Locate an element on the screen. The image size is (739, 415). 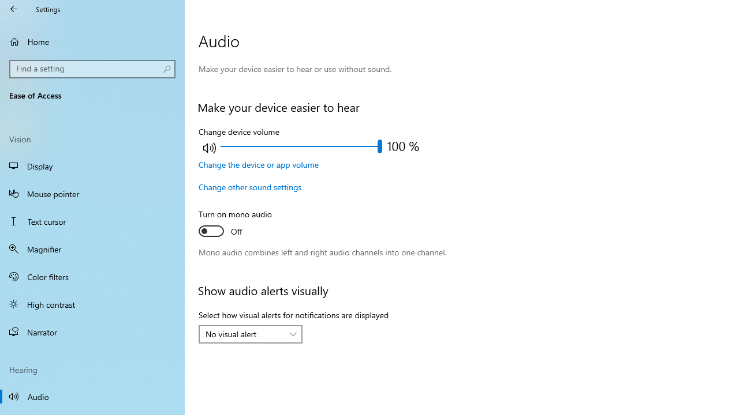
'High contrast' is located at coordinates (92, 304).